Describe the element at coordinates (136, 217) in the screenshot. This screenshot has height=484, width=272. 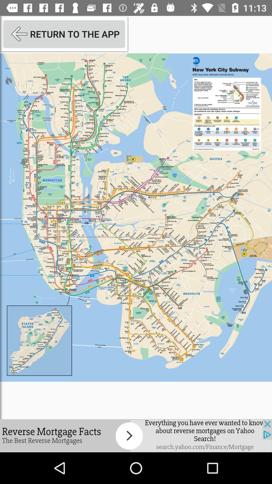
I see `full screen` at that location.